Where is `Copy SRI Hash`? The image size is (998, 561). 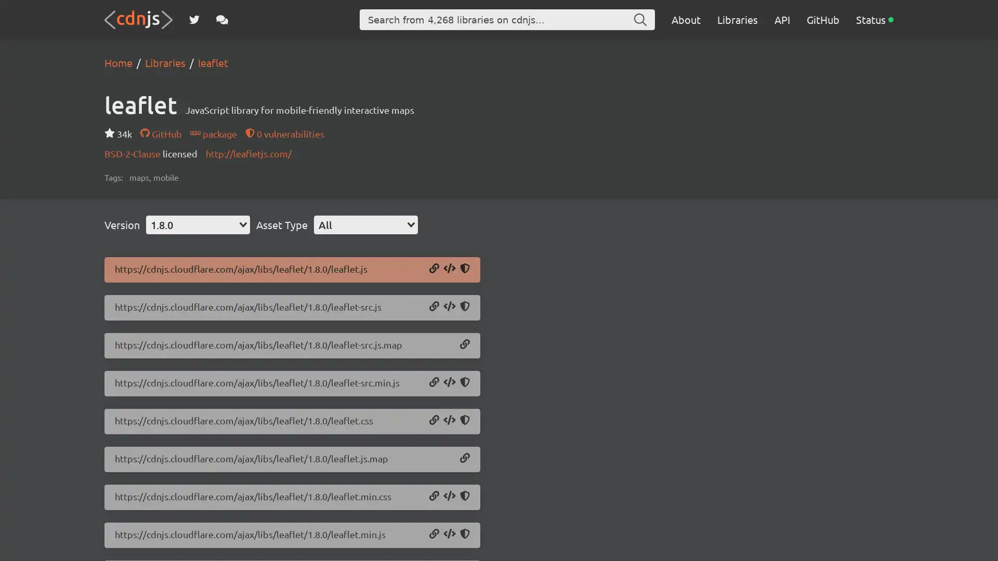
Copy SRI Hash is located at coordinates (464, 535).